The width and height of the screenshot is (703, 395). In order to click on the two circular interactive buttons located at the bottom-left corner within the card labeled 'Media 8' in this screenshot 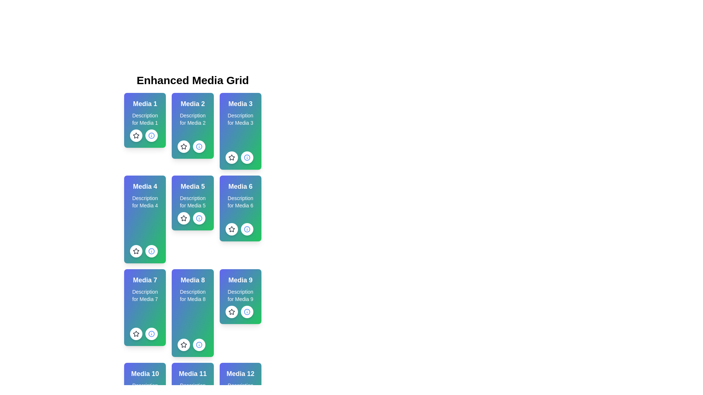, I will do `click(191, 345)`.